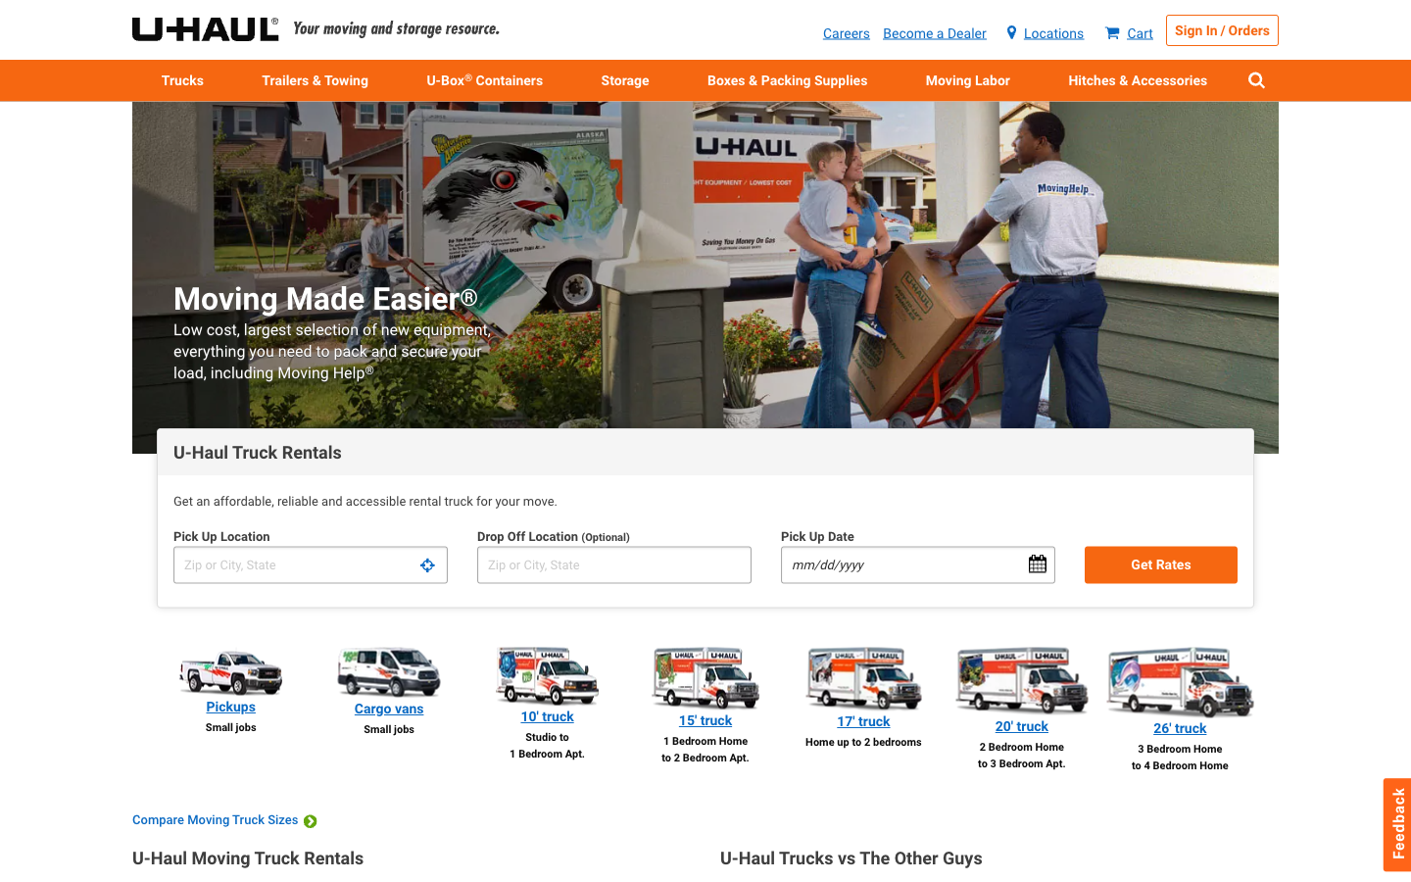  What do you see at coordinates (310, 564) in the screenshot?
I see `Obtain cost details for renting a truck with pick-up at location A and drop off at location B` at bounding box center [310, 564].